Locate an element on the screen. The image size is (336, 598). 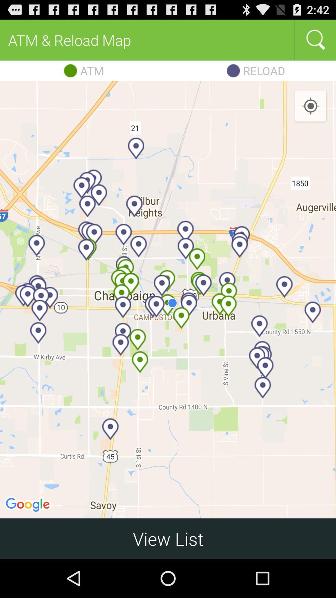
view list is located at coordinates (168, 538).